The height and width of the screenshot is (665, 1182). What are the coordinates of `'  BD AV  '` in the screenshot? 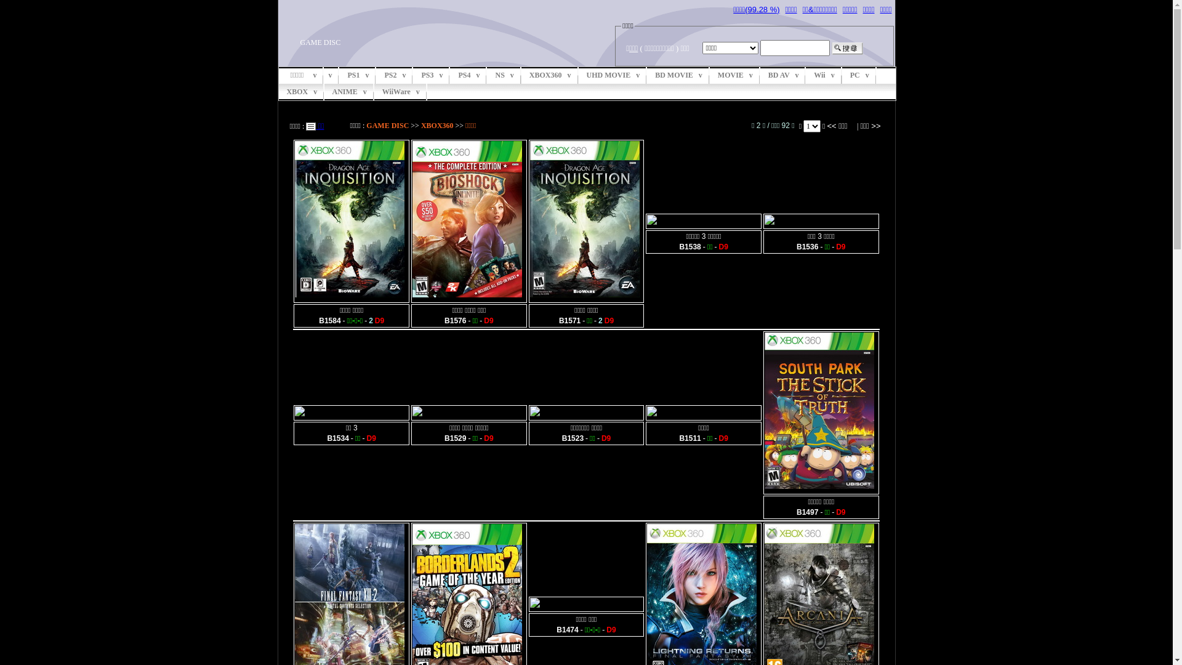 It's located at (782, 75).